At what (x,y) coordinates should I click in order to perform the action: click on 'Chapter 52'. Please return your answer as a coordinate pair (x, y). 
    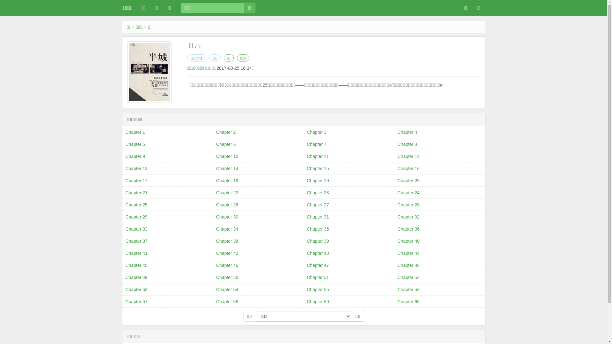
    Looking at the image, I should click on (439, 277).